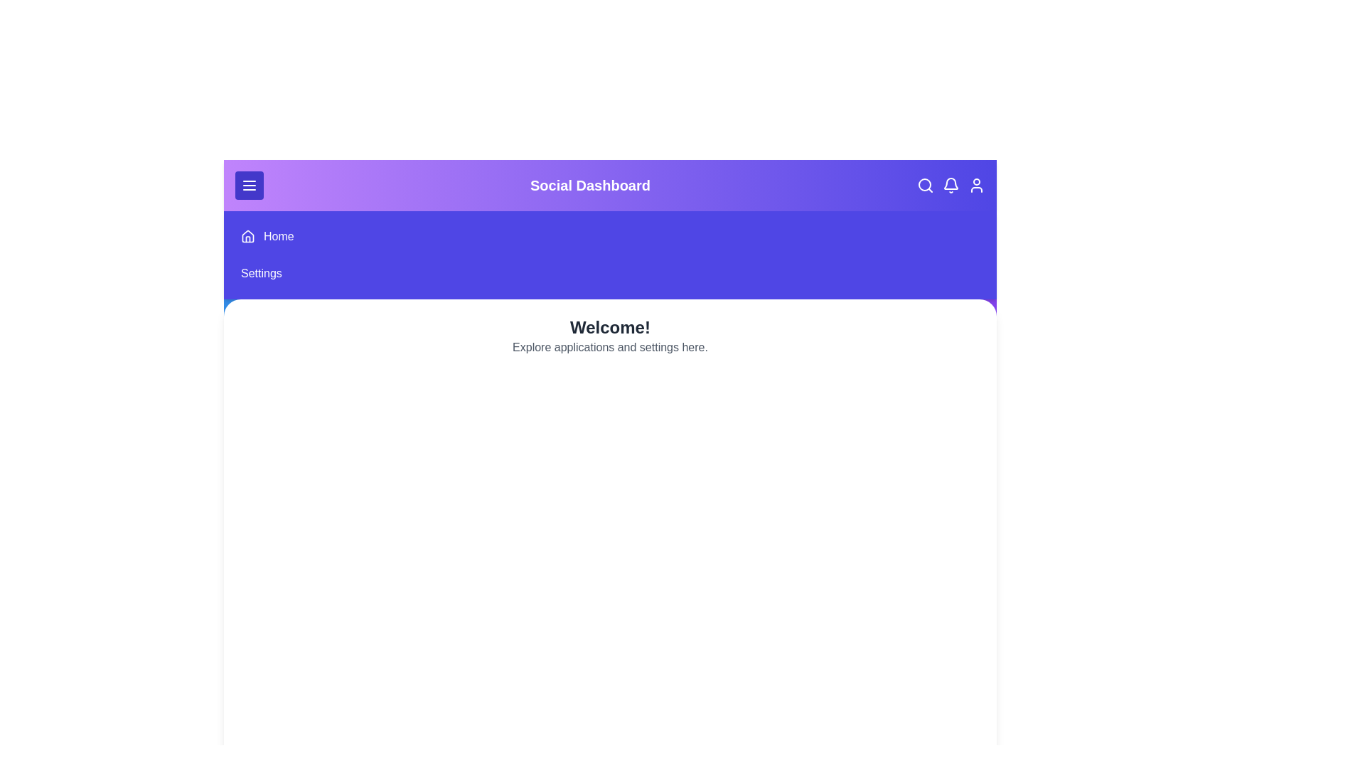 The image size is (1365, 768). I want to click on the menu button to toggle the menu visibility, so click(249, 185).